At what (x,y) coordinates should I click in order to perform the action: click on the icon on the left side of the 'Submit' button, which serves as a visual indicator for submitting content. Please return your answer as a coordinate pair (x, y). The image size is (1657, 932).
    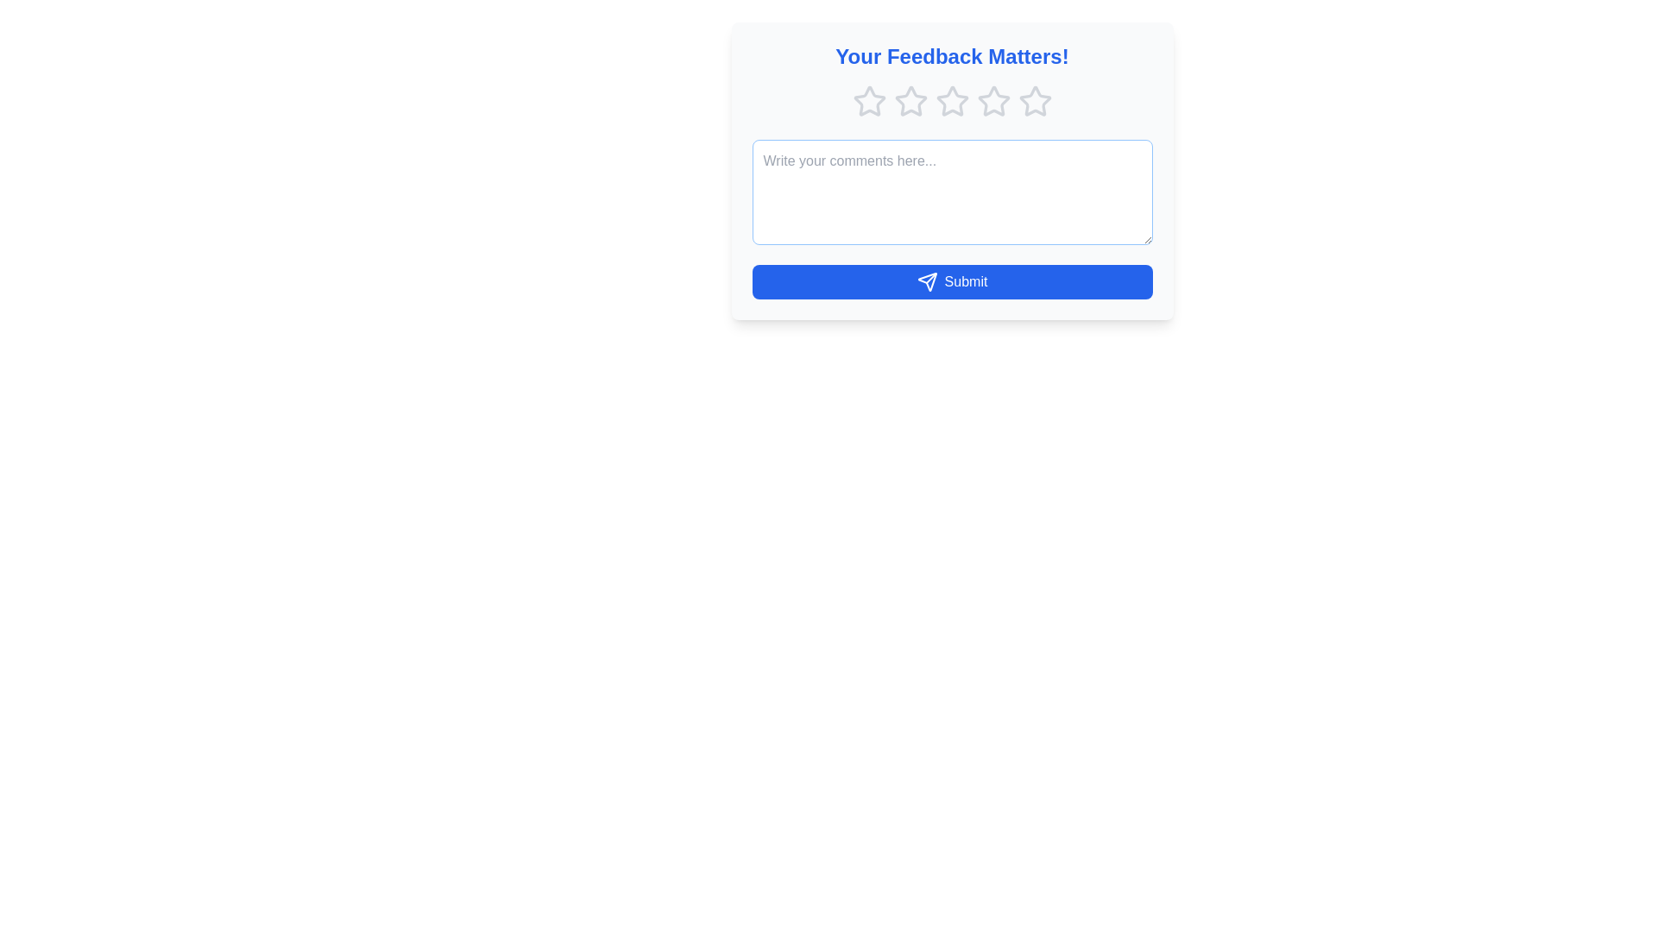
    Looking at the image, I should click on (926, 281).